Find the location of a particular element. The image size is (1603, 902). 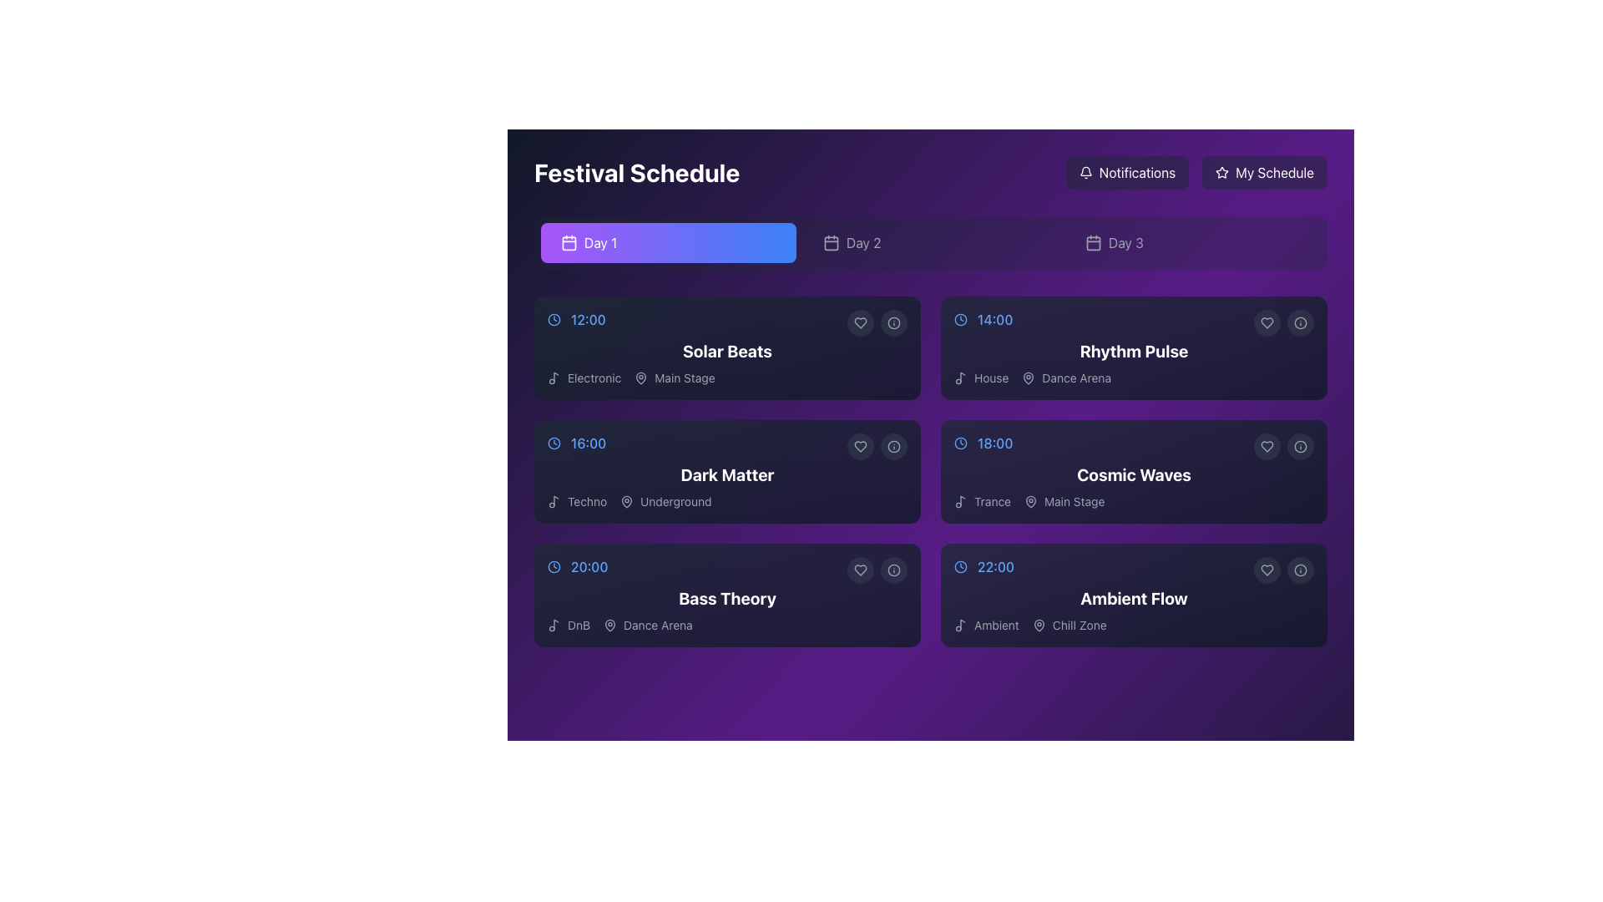

the map pin icon indicating the location of the 'Dance Arena' venue, located to the left of the venue name in the event information for 'Bass Theory' is located at coordinates (609, 625).